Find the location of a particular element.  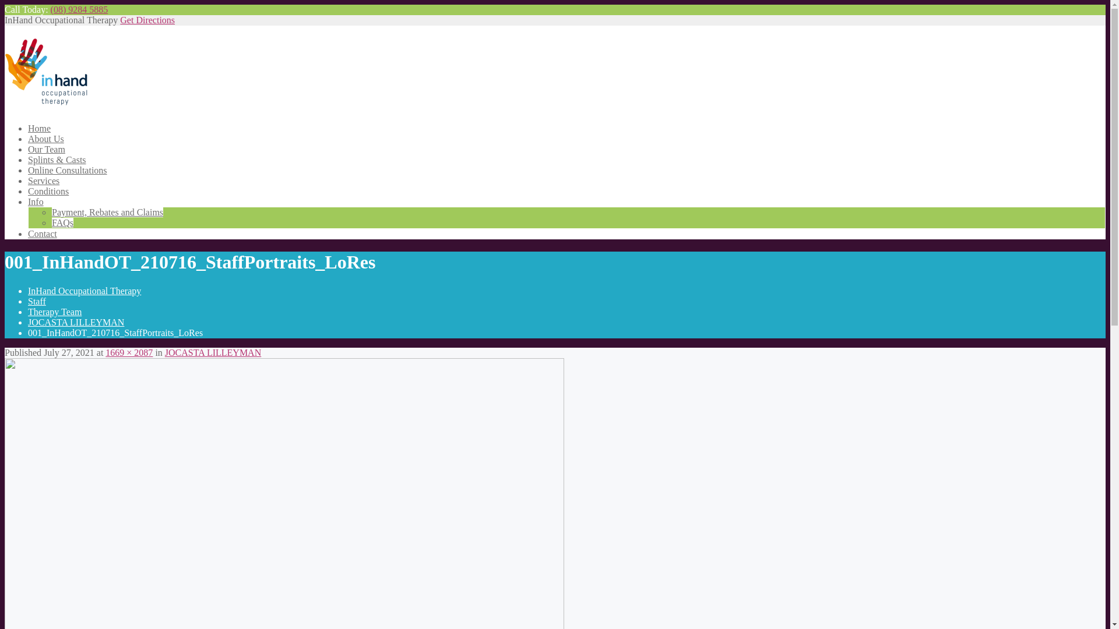

'Payment, Rebates and Claims' is located at coordinates (107, 212).